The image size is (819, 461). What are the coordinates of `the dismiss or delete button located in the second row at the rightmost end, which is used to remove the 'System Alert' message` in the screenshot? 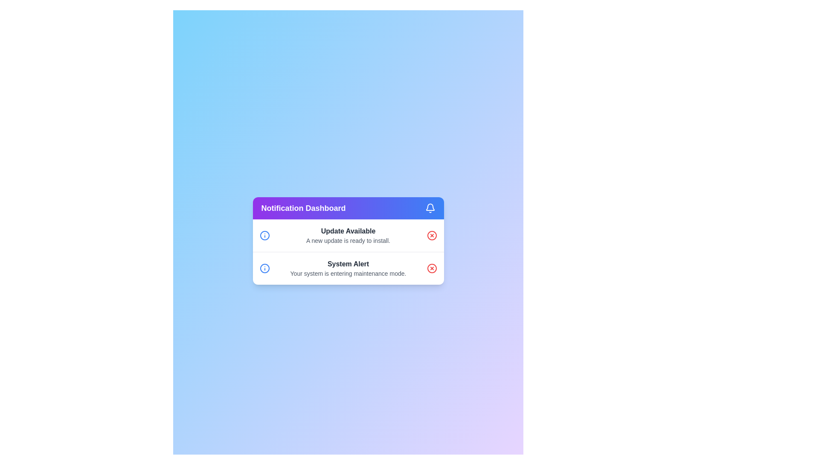 It's located at (432, 268).